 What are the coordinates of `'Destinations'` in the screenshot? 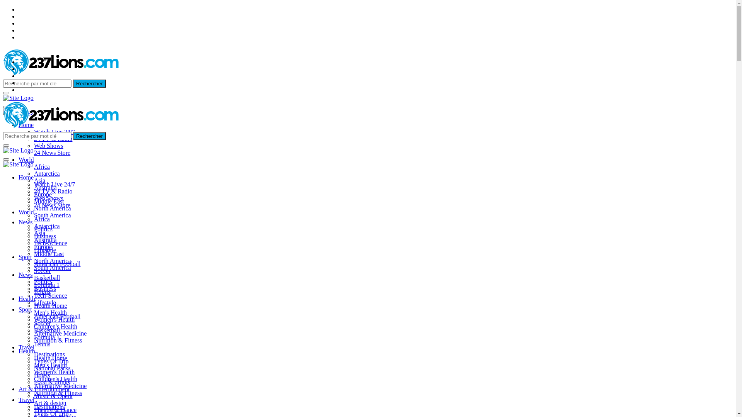 It's located at (49, 354).